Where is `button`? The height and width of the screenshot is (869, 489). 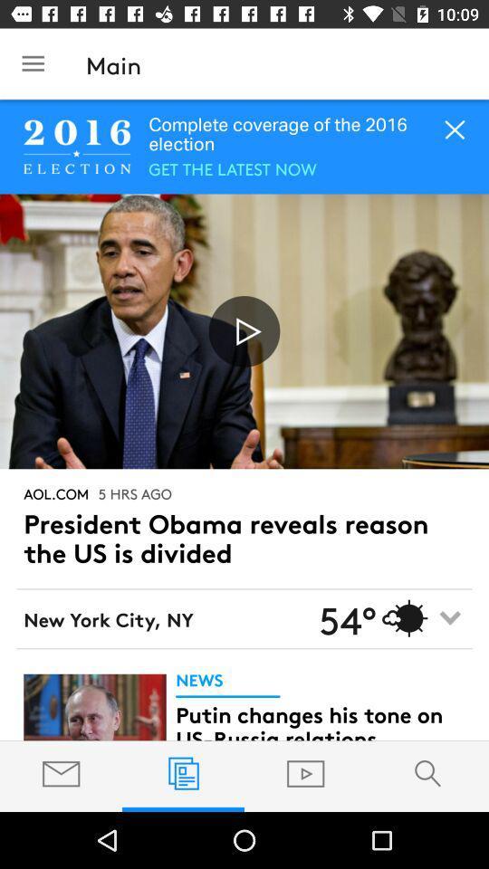
button is located at coordinates (244, 330).